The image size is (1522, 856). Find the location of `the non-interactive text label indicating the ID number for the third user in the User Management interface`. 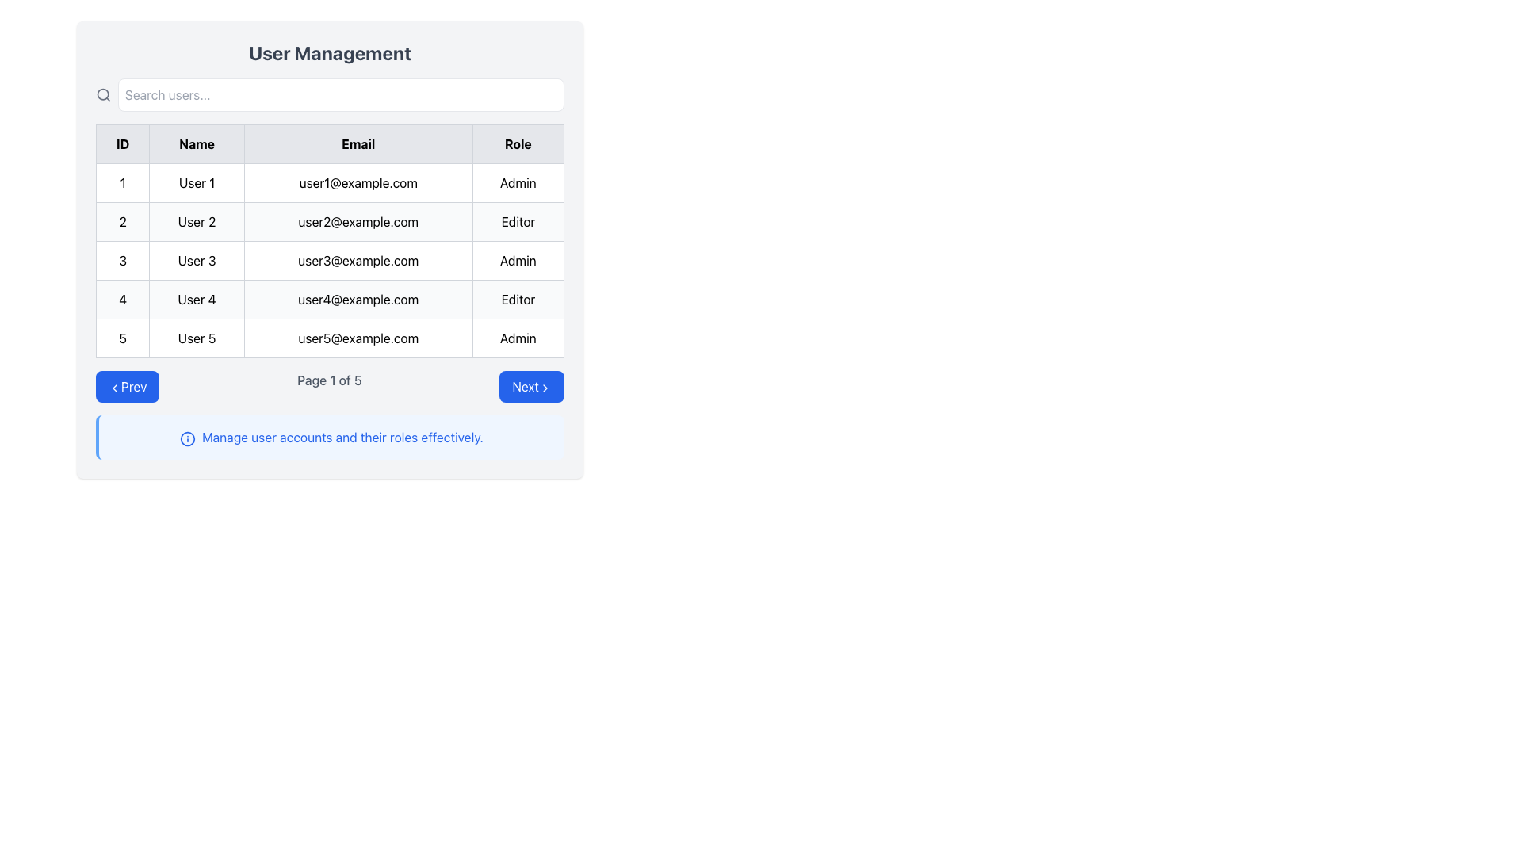

the non-interactive text label indicating the ID number for the third user in the User Management interface is located at coordinates (122, 259).